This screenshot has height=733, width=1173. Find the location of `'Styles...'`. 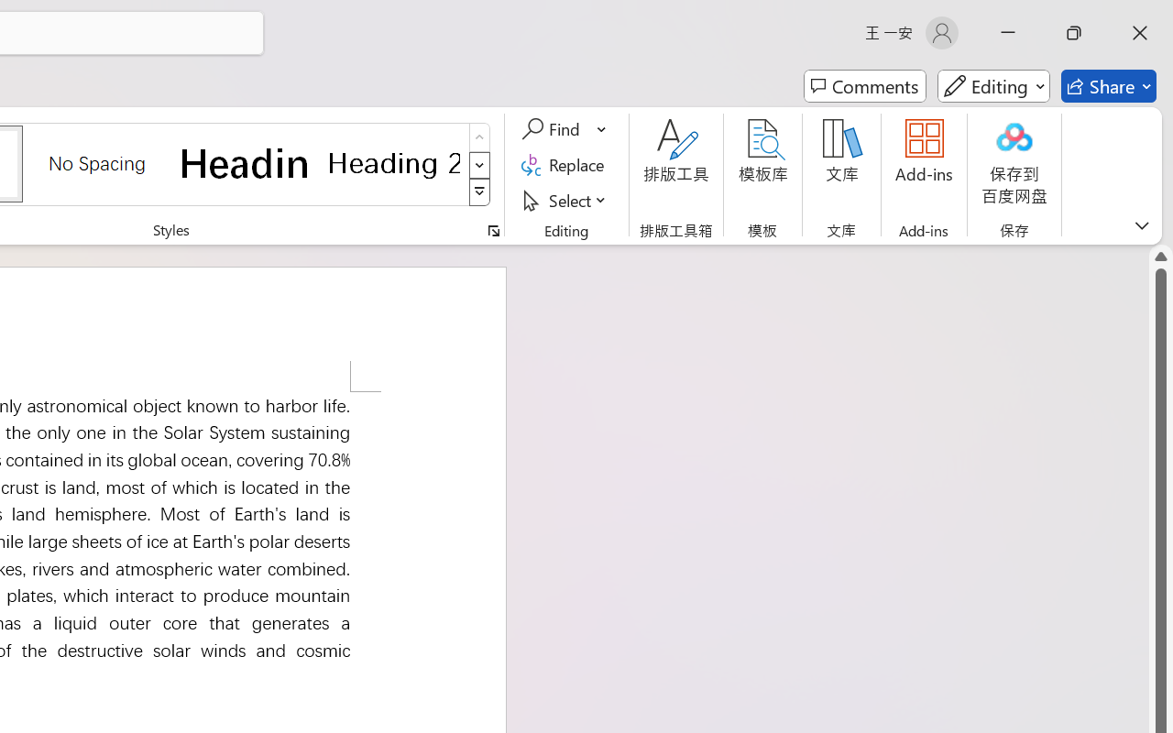

'Styles...' is located at coordinates (493, 230).